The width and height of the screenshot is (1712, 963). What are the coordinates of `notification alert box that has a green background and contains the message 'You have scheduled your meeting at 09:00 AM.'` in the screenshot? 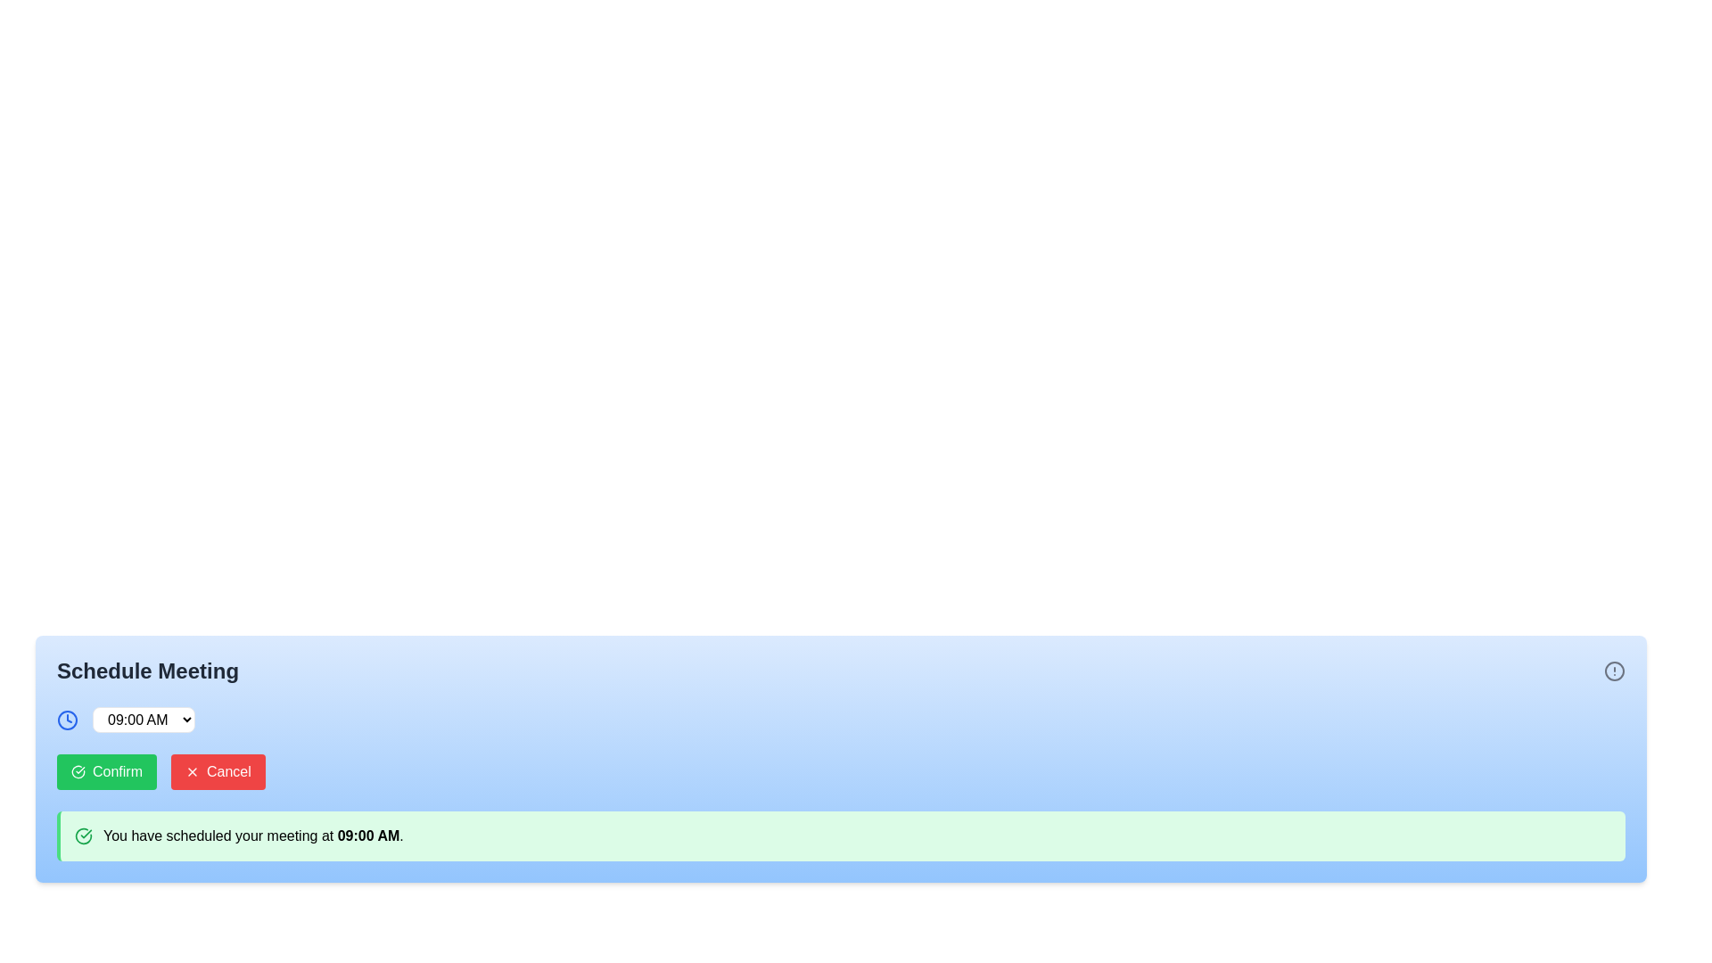 It's located at (840, 835).